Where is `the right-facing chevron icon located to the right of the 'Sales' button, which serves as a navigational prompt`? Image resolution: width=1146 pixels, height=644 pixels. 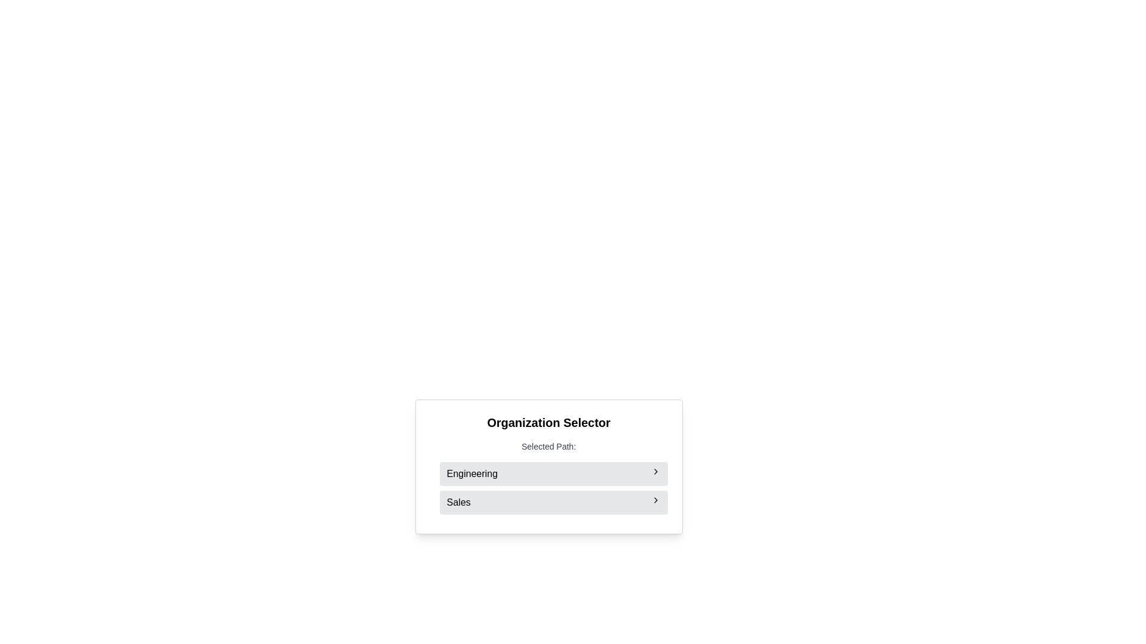
the right-facing chevron icon located to the right of the 'Sales' button, which serves as a navigational prompt is located at coordinates (655, 500).